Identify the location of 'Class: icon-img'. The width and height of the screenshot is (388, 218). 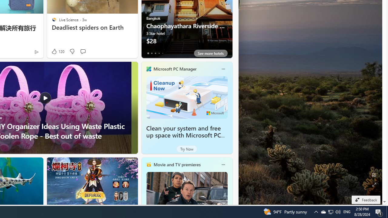
(223, 164).